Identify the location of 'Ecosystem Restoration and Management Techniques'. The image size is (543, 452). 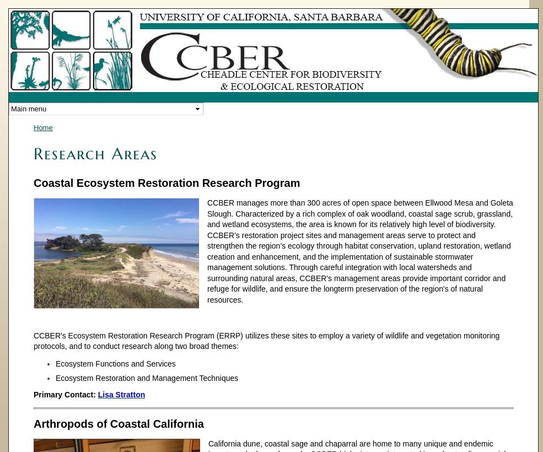
(146, 378).